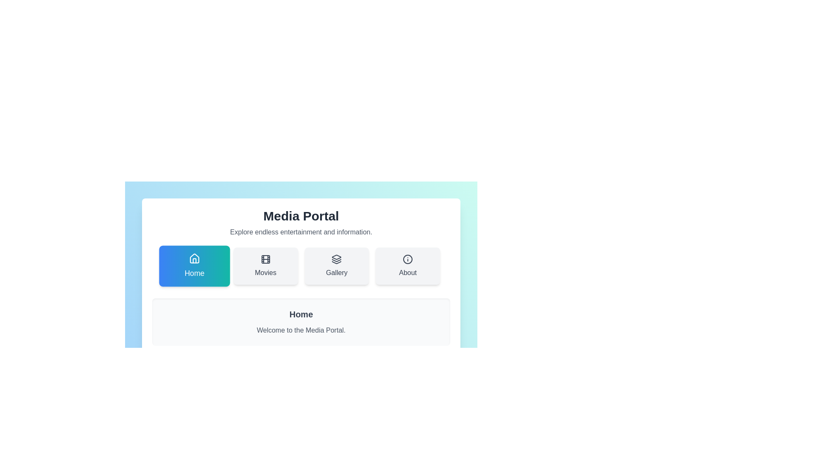 The height and width of the screenshot is (457, 814). Describe the element at coordinates (193, 265) in the screenshot. I see `the 'Home' navigation button located at the top-left corner of the grid layout` at that location.